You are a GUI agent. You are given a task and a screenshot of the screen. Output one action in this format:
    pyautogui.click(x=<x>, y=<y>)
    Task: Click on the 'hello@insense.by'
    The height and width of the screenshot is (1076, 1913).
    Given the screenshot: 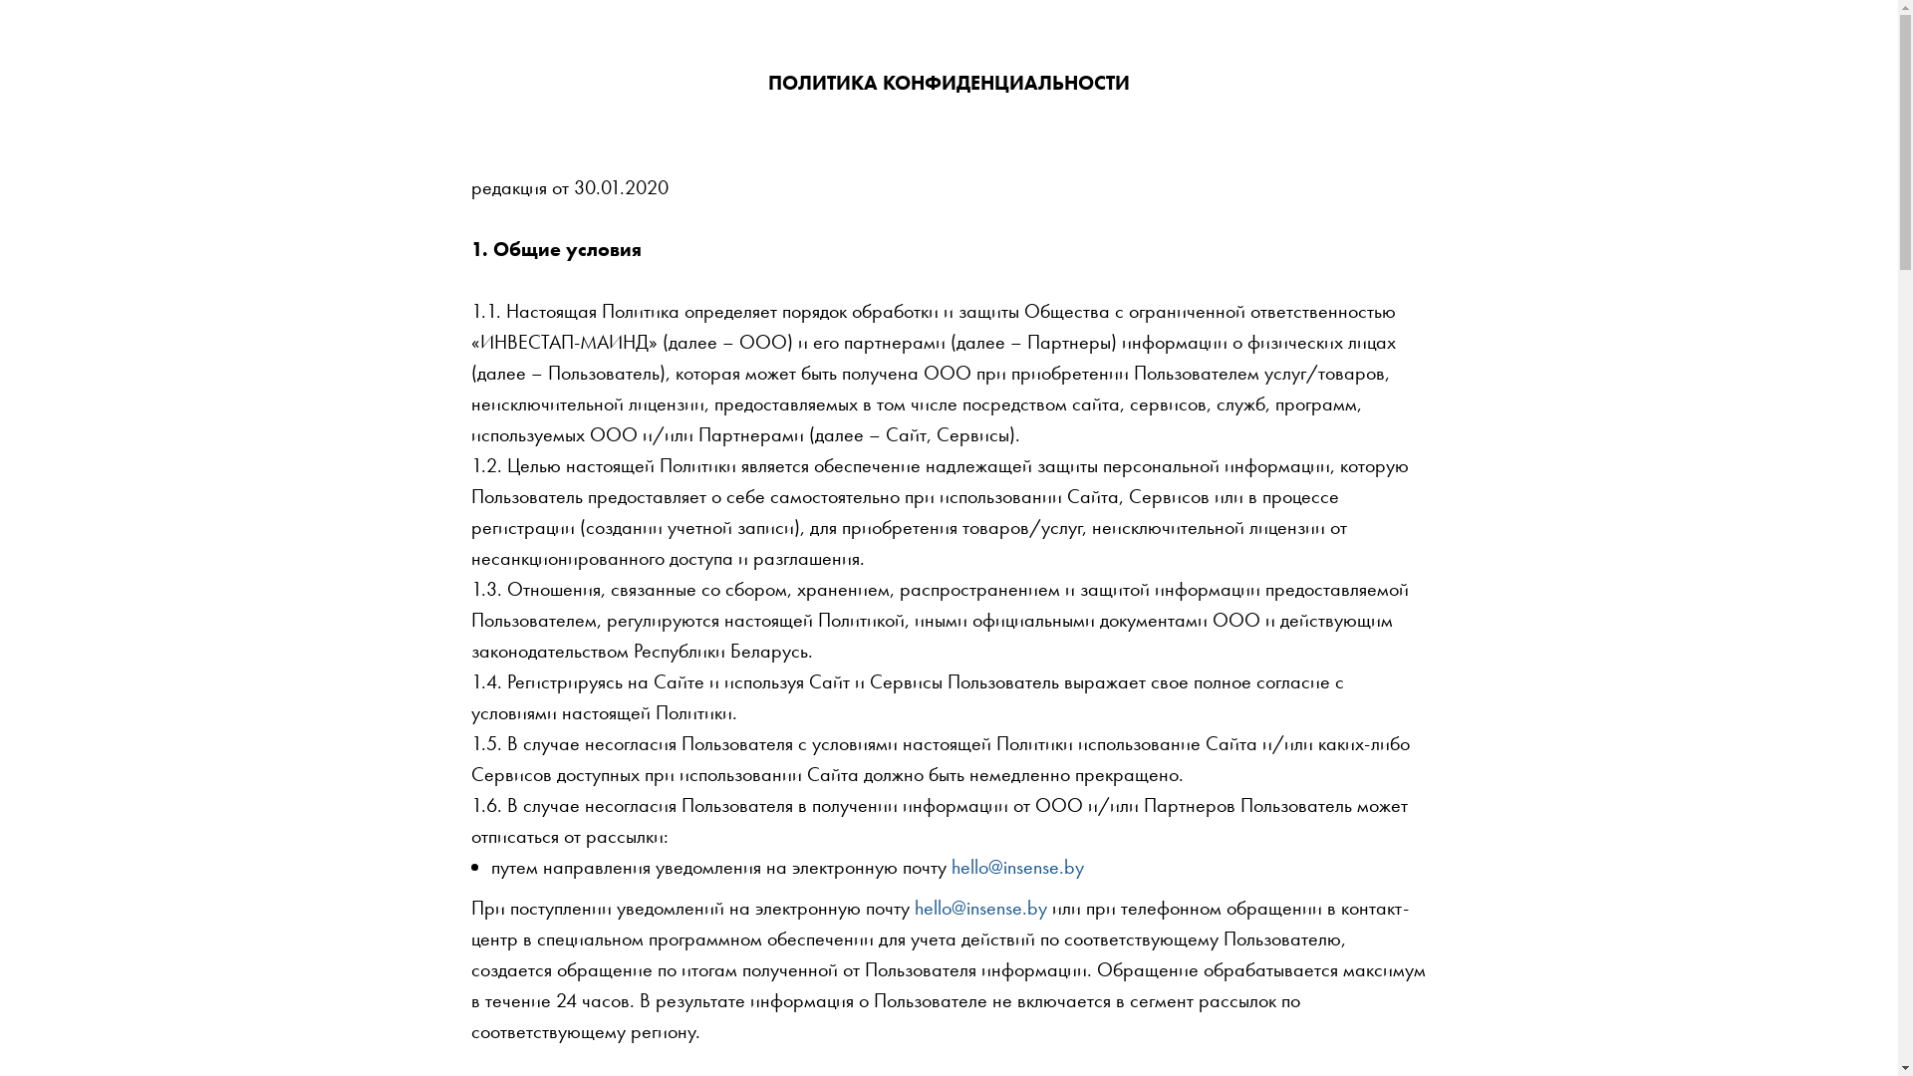 What is the action you would take?
    pyautogui.click(x=980, y=907)
    